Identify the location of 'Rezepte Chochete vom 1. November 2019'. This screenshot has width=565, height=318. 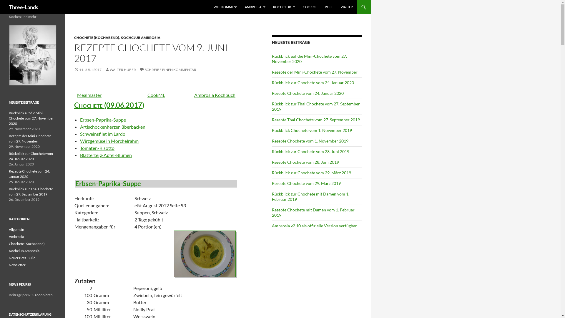
(310, 141).